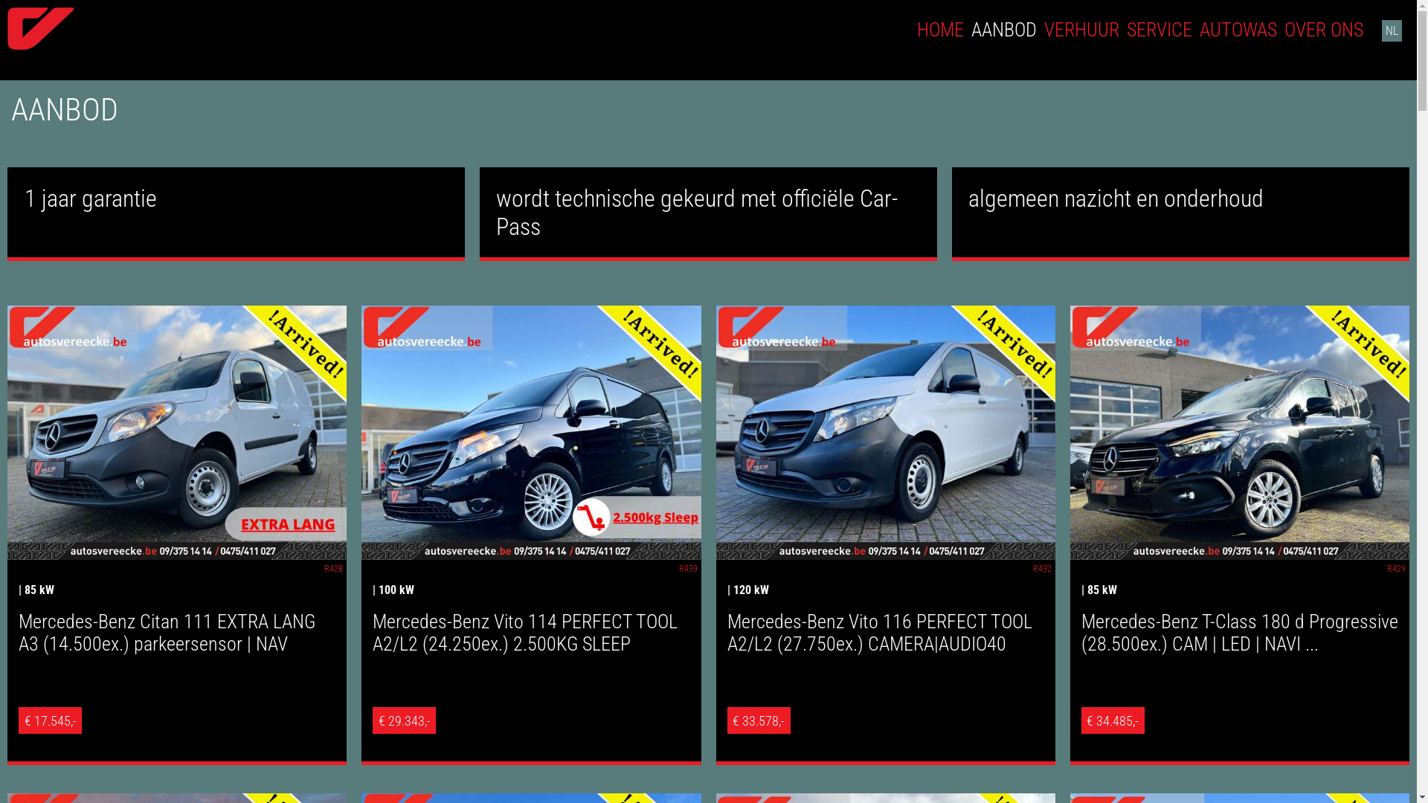 This screenshot has width=1428, height=803. I want to click on 'AUTOWAS', so click(1238, 29).